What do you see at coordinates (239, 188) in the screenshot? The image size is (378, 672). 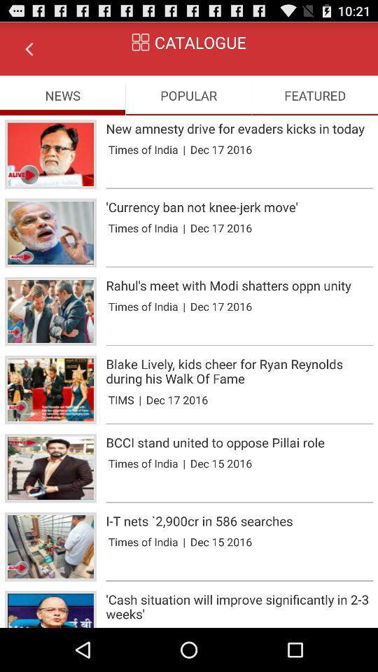 I see `item above currency ban not` at bounding box center [239, 188].